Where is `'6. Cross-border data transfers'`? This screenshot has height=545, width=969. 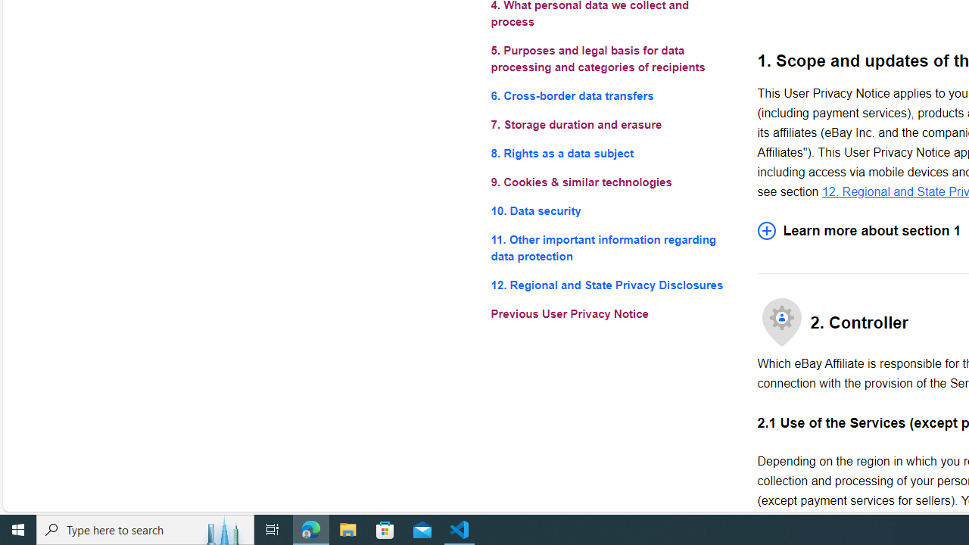 '6. Cross-border data transfers' is located at coordinates (612, 95).